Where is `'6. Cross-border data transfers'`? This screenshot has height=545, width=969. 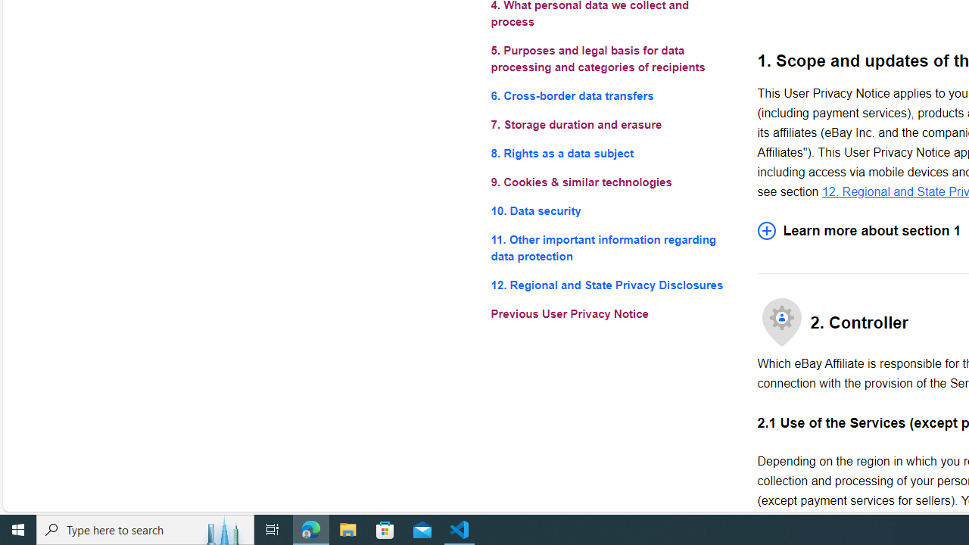 '6. Cross-border data transfers' is located at coordinates (612, 95).